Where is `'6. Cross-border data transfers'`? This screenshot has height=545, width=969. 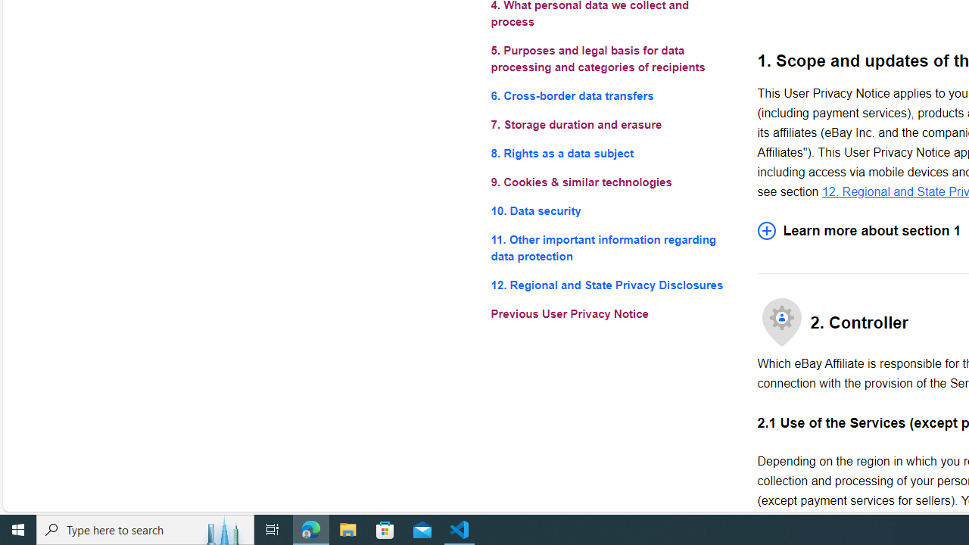 '6. Cross-border data transfers' is located at coordinates (612, 95).